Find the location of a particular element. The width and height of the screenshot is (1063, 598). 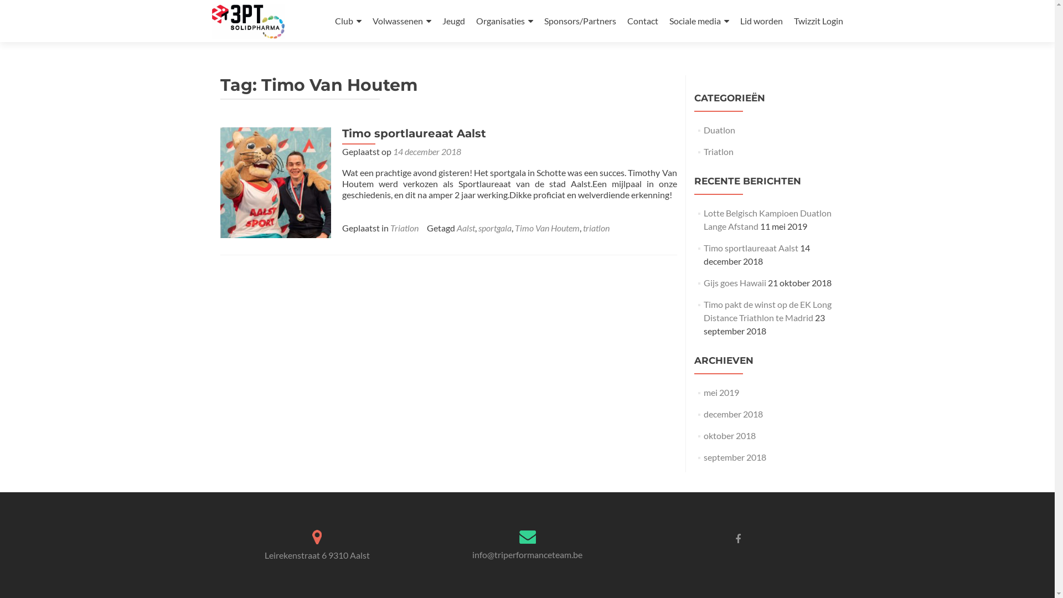

'Triatlon' is located at coordinates (390, 227).